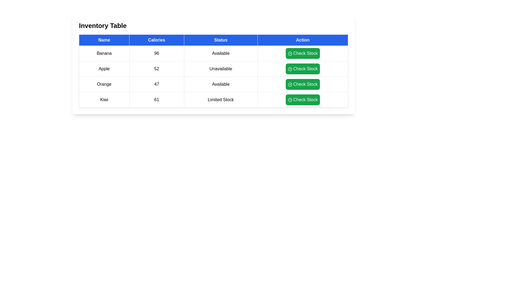 The image size is (521, 293). Describe the element at coordinates (104, 69) in the screenshot. I see `the row corresponding to Apple by clicking on it` at that location.